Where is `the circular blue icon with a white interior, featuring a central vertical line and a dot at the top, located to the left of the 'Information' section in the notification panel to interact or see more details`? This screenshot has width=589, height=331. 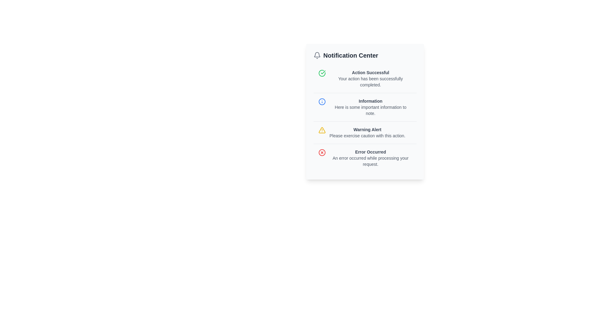 the circular blue icon with a white interior, featuring a central vertical line and a dot at the top, located to the left of the 'Information' section in the notification panel to interact or see more details is located at coordinates (322, 101).